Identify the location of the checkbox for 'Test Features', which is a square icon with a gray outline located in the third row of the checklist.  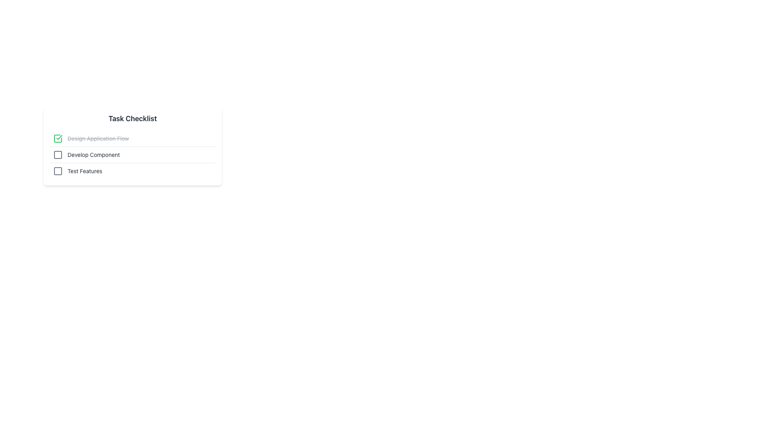
(57, 171).